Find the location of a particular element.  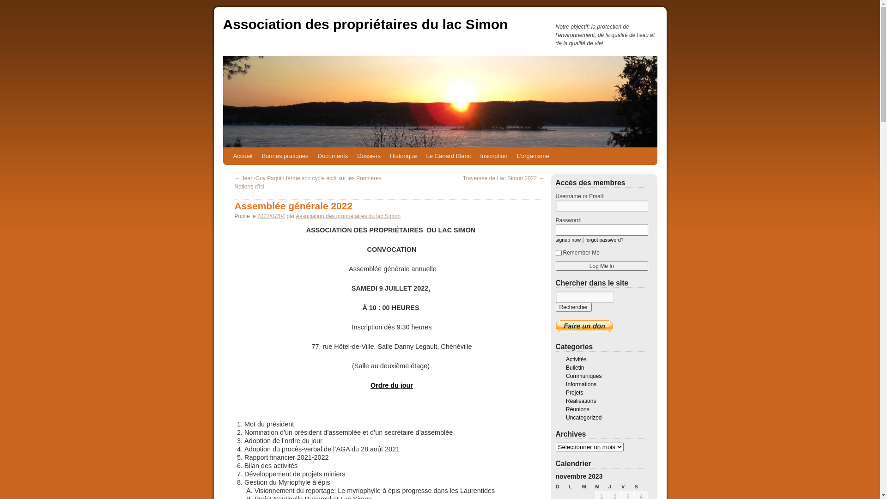

'Dossiers' is located at coordinates (368, 156).